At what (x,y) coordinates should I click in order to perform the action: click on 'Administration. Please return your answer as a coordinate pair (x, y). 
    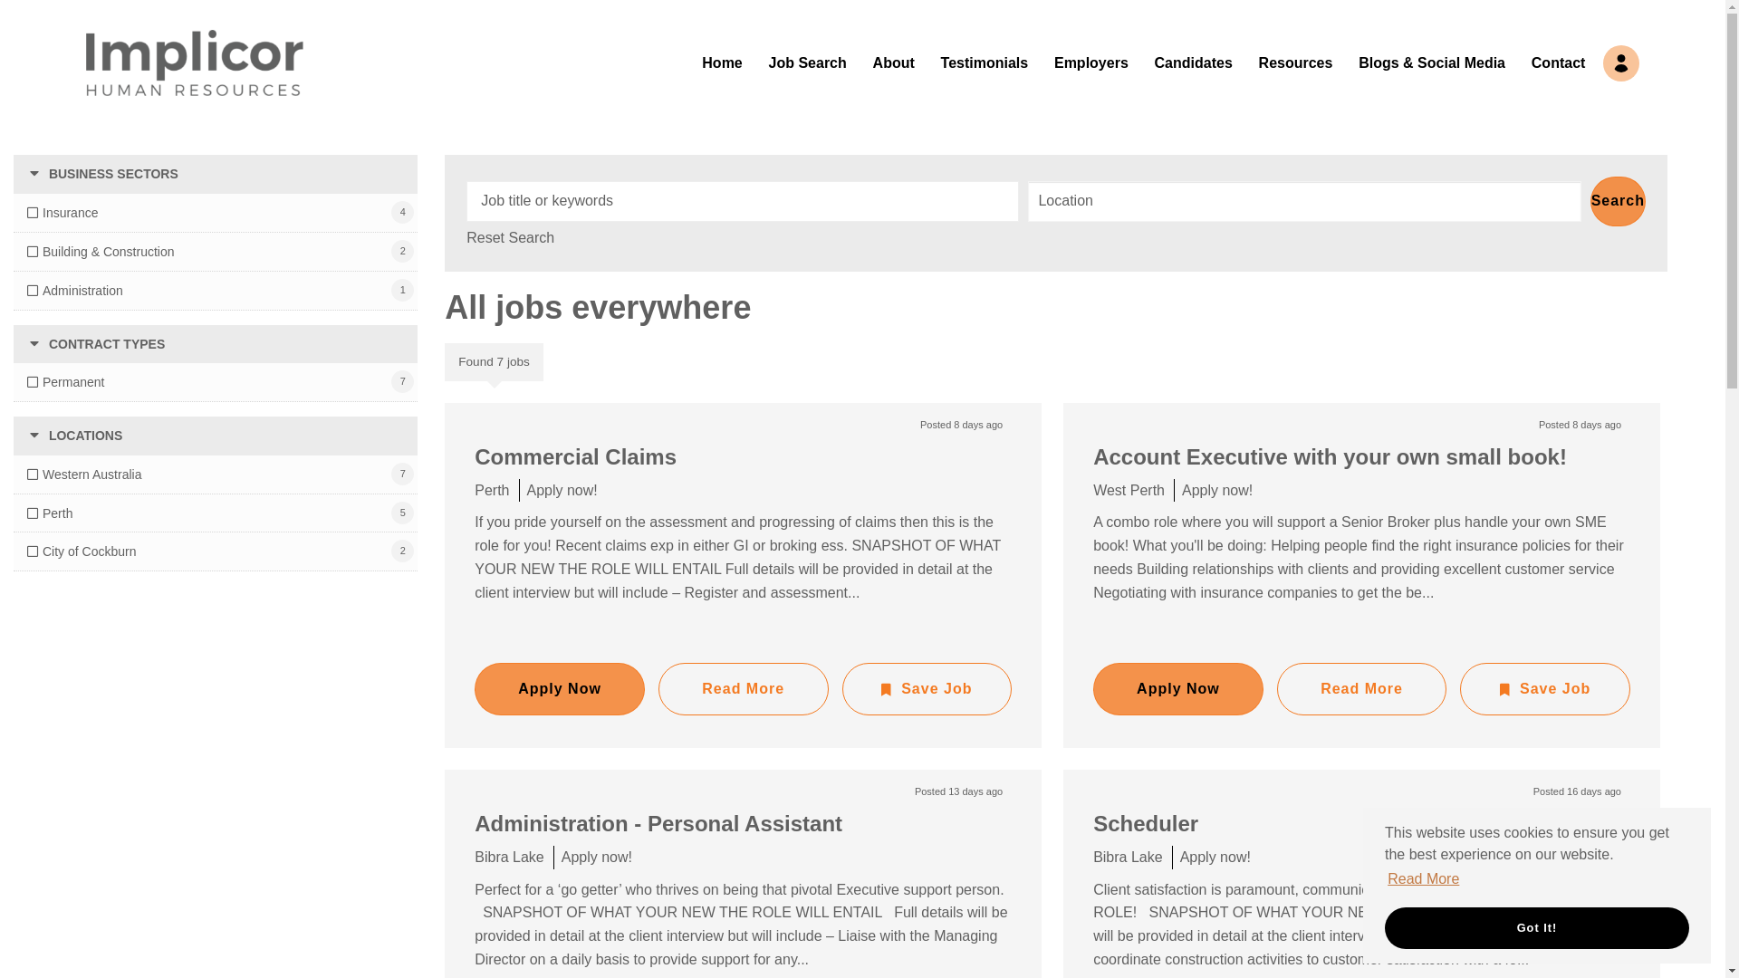
    Looking at the image, I should click on (73, 289).